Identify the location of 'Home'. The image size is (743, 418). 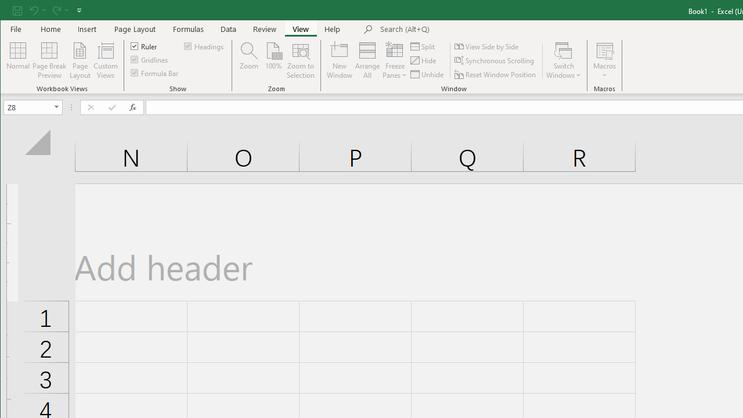
(50, 28).